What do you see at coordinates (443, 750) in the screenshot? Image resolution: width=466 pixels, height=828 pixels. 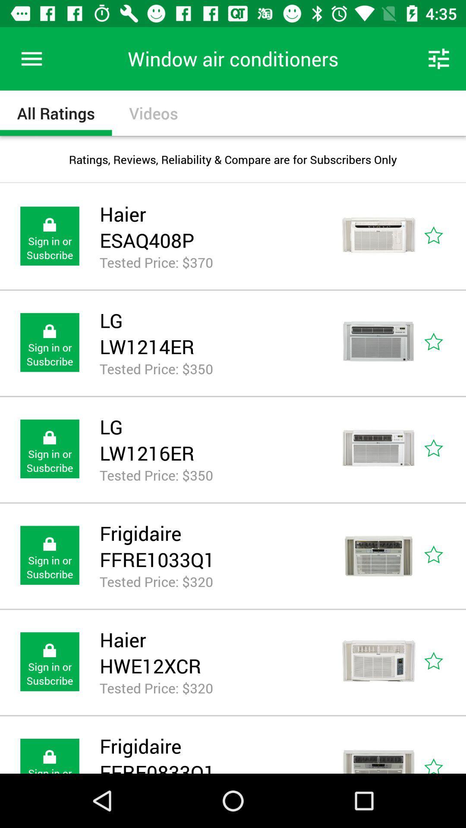 I see `option` at bounding box center [443, 750].